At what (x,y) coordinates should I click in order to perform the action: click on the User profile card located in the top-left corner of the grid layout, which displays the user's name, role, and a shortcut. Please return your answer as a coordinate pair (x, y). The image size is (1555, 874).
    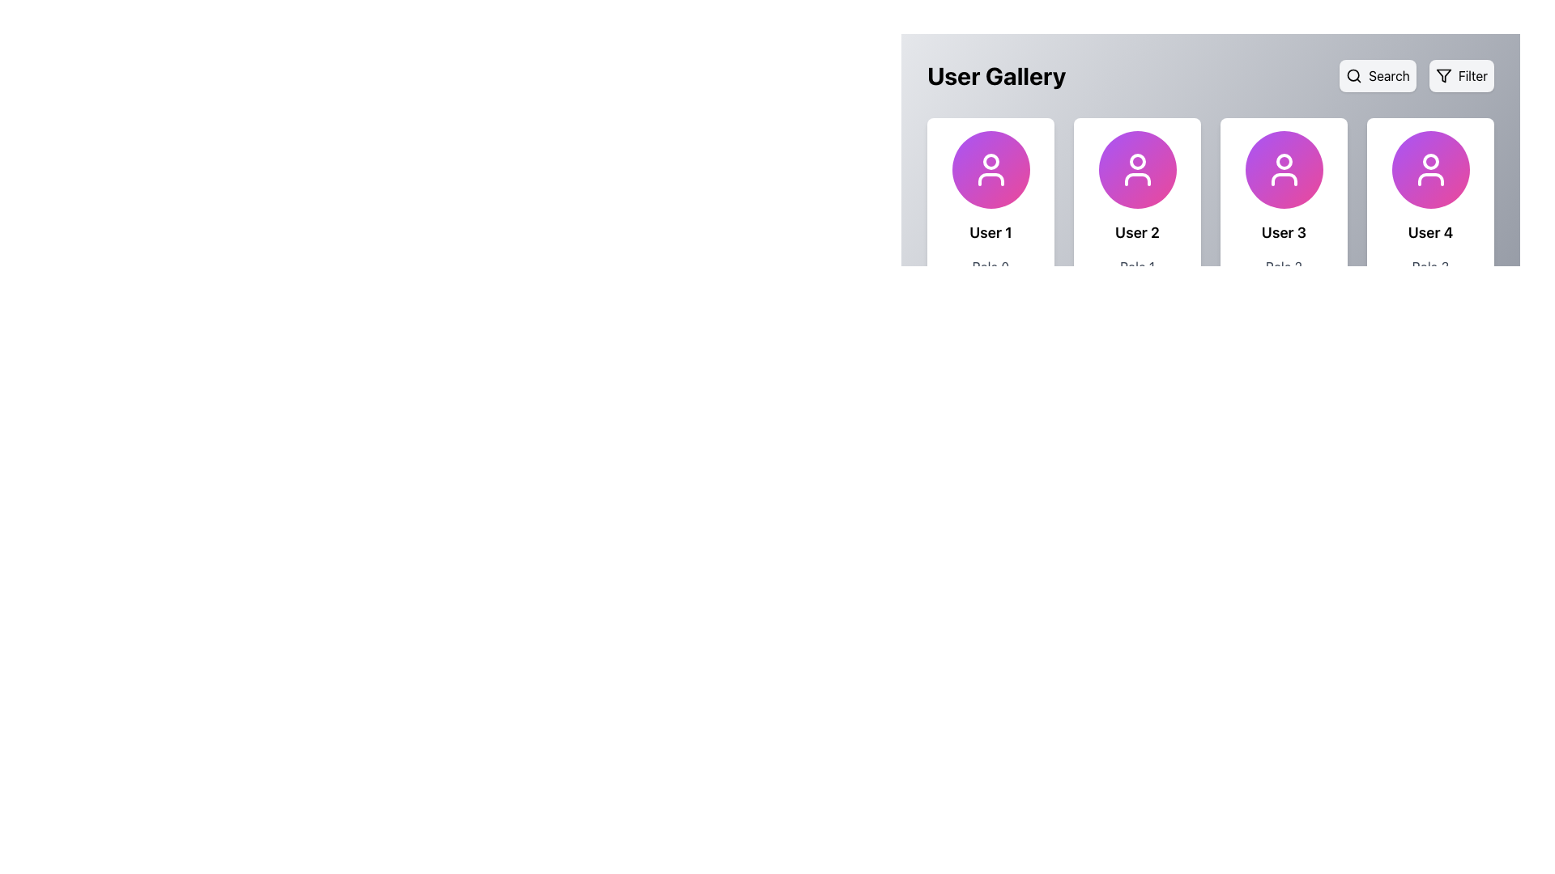
    Looking at the image, I should click on (990, 236).